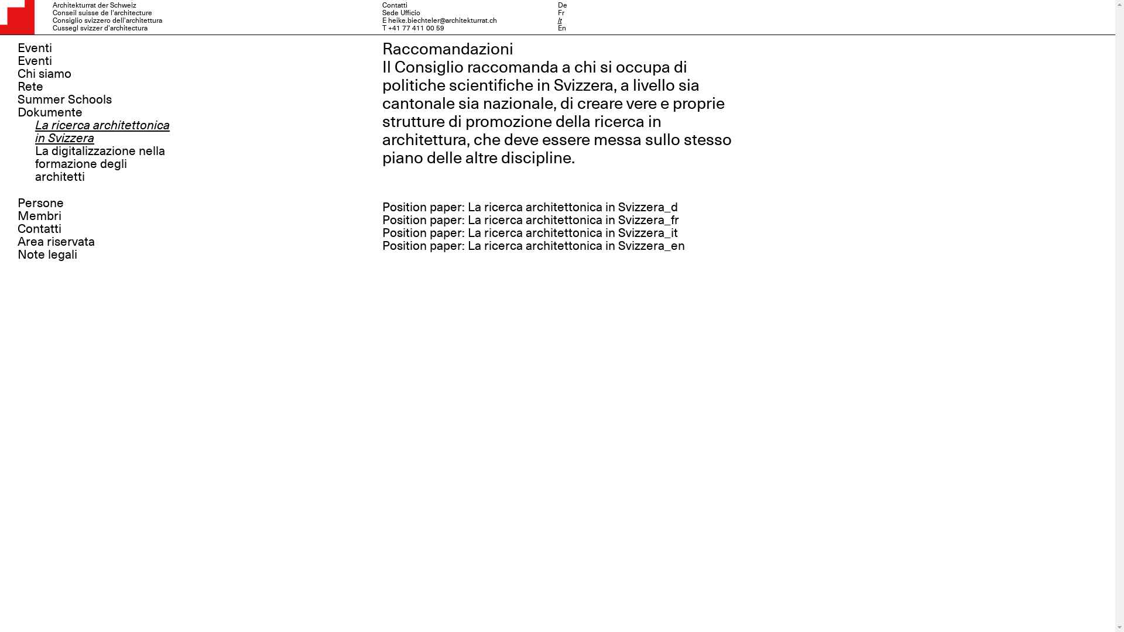  Describe the element at coordinates (64, 98) in the screenshot. I see `'Summer Schools'` at that location.